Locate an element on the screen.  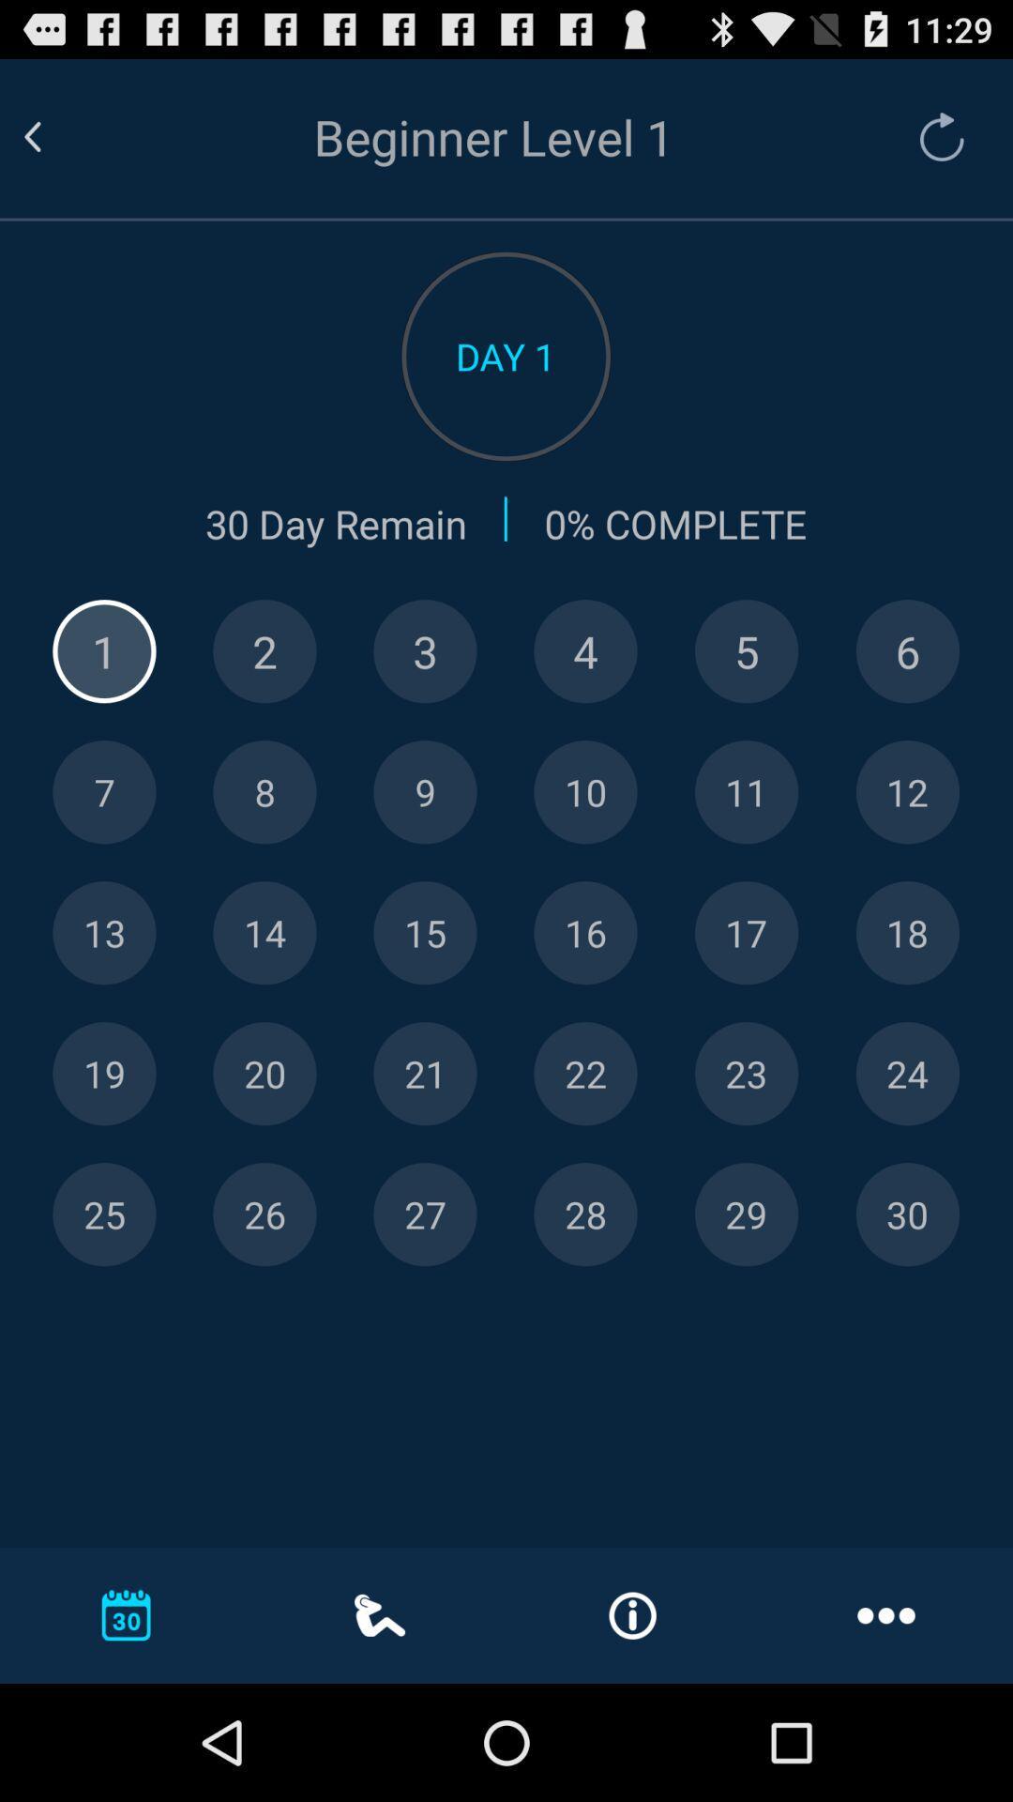
the arrow_backward icon is located at coordinates (54, 145).